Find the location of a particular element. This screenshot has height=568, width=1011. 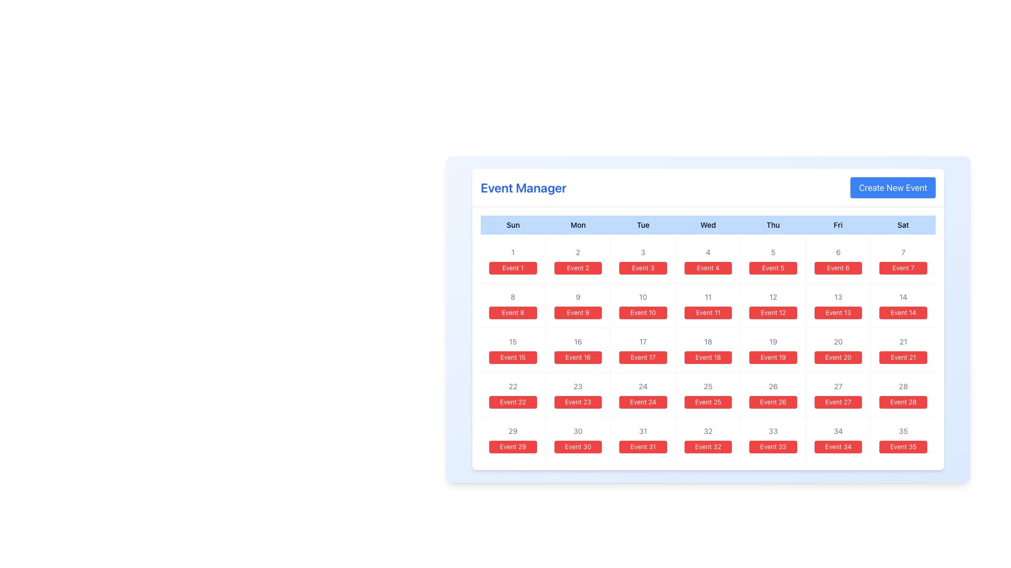

text of the Button-like Label indicating an event scheduled for the date '29' in the calendar grid is located at coordinates (513, 447).